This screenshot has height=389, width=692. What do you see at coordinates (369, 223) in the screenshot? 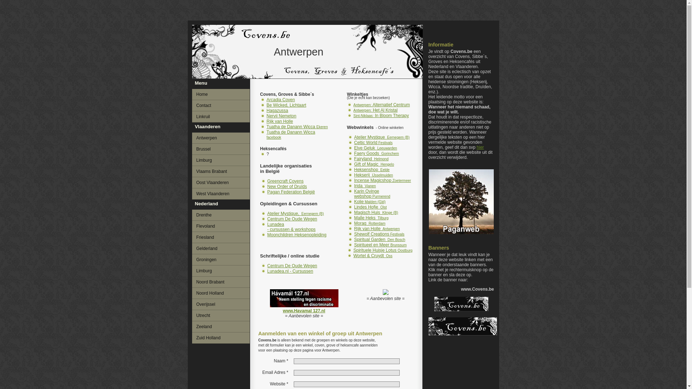
I see `'Morag  Rotterdam'` at bounding box center [369, 223].